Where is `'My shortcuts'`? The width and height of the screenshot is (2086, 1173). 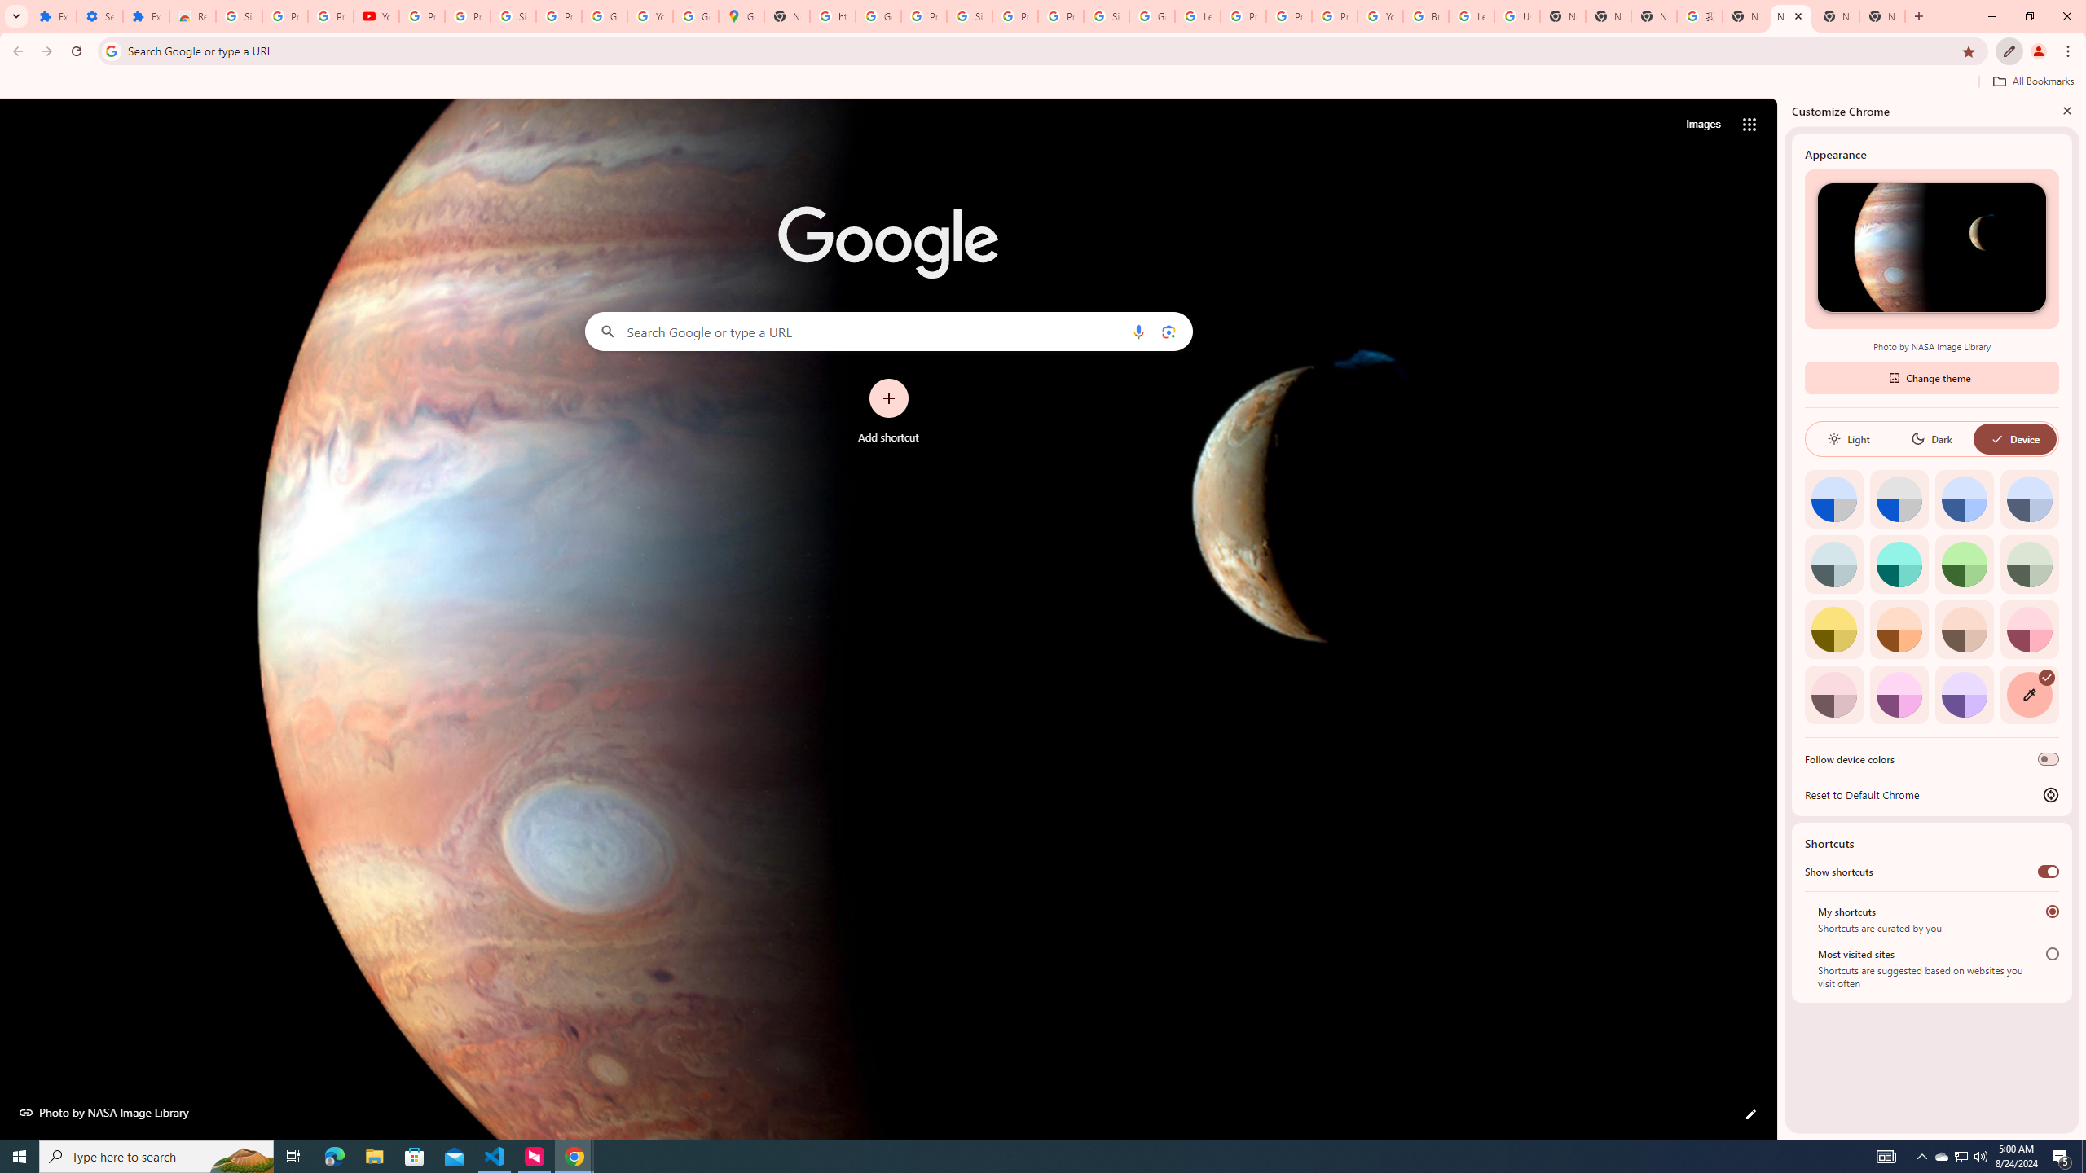
'My shortcuts' is located at coordinates (2053, 911).